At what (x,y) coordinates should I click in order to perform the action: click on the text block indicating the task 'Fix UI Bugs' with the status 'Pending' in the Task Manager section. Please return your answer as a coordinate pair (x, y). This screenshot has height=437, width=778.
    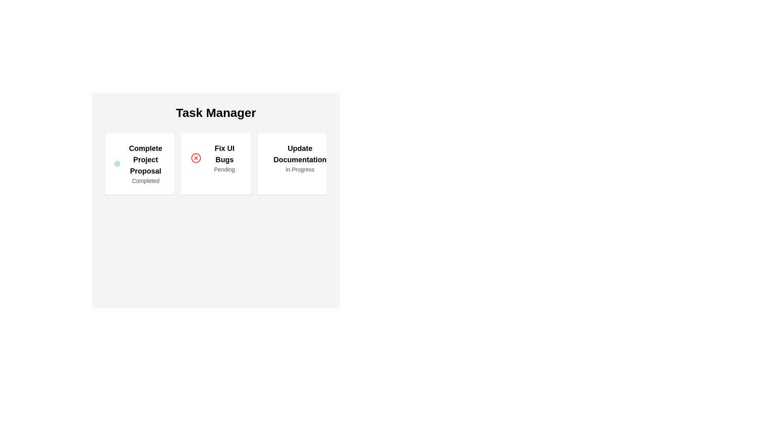
    Looking at the image, I should click on (224, 158).